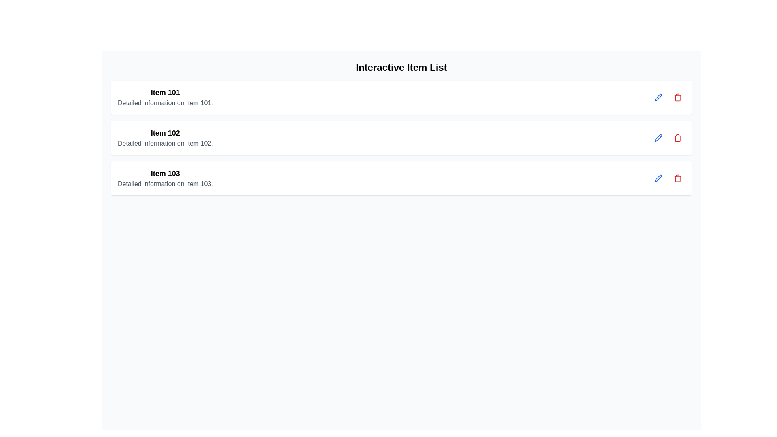 The width and height of the screenshot is (777, 437). Describe the element at coordinates (678, 137) in the screenshot. I see `the red-colored trash icon button located on the right side of the interface within the row labeled 'Item 102'` at that location.